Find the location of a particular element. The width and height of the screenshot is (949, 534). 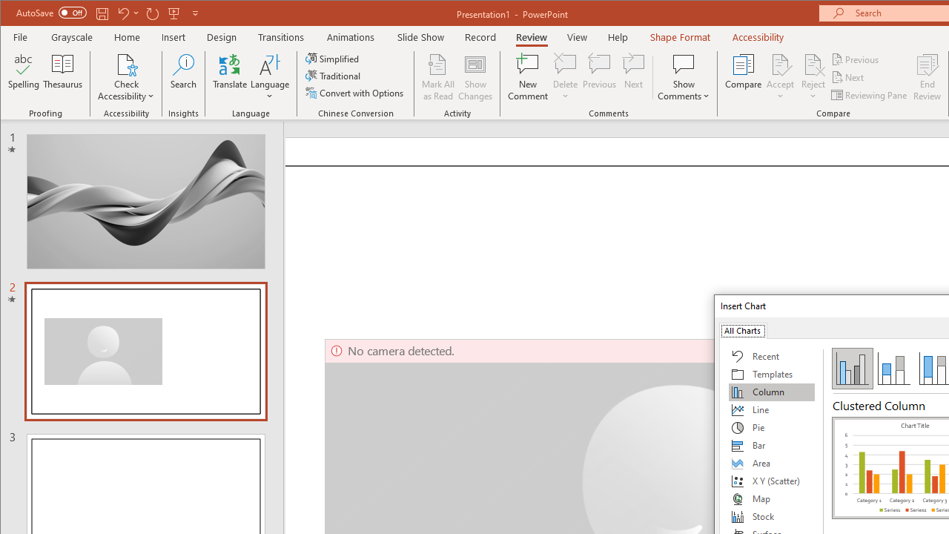

'Previous' is located at coordinates (856, 59).